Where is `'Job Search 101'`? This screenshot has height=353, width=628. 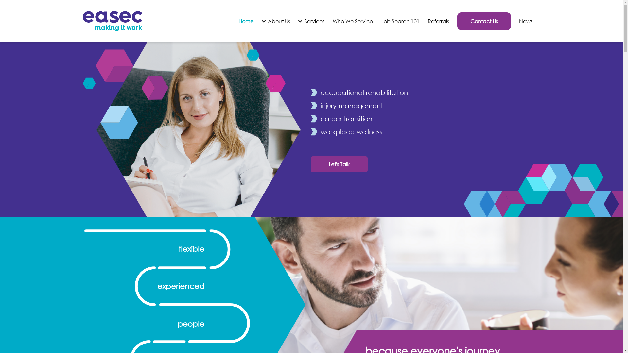
'Job Search 101' is located at coordinates (400, 21).